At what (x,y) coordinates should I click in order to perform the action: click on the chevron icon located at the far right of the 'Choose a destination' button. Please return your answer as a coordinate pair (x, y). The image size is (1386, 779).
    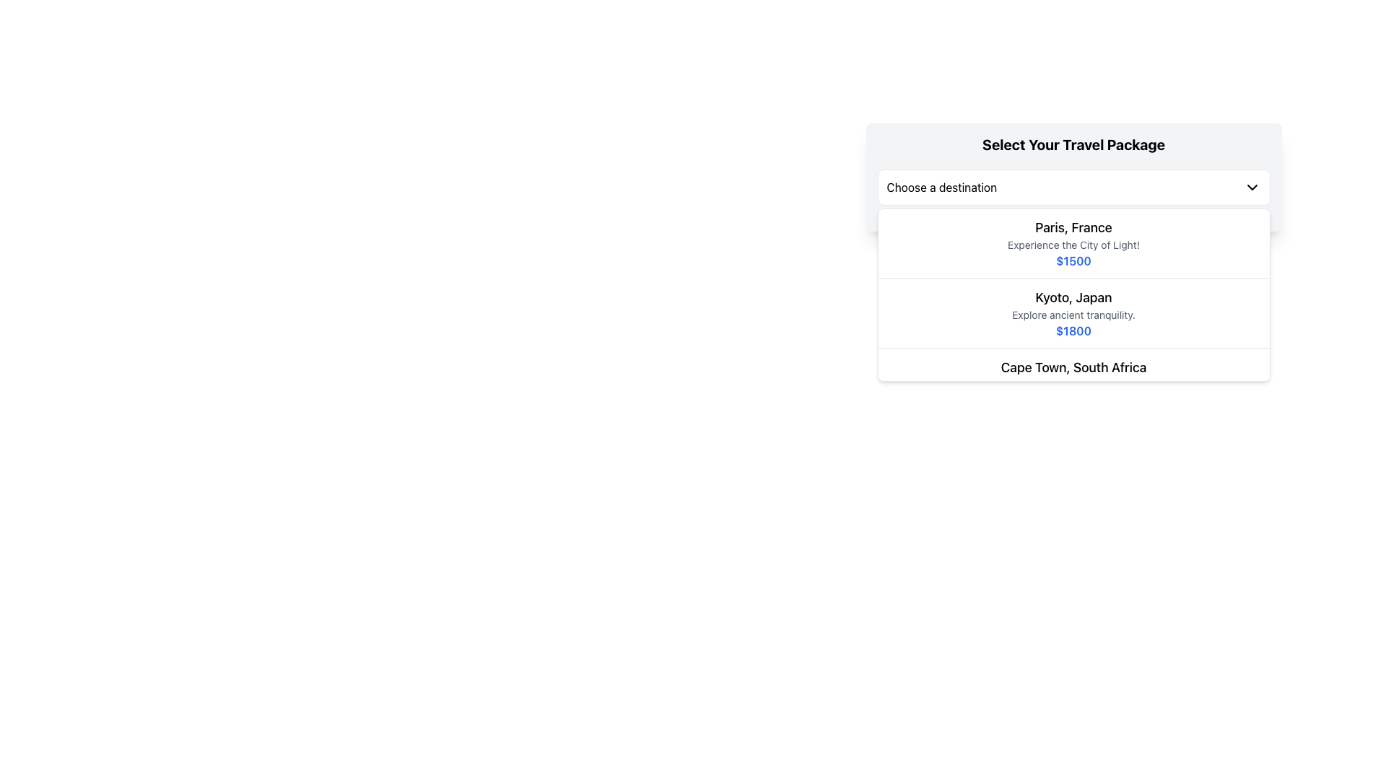
    Looking at the image, I should click on (1251, 186).